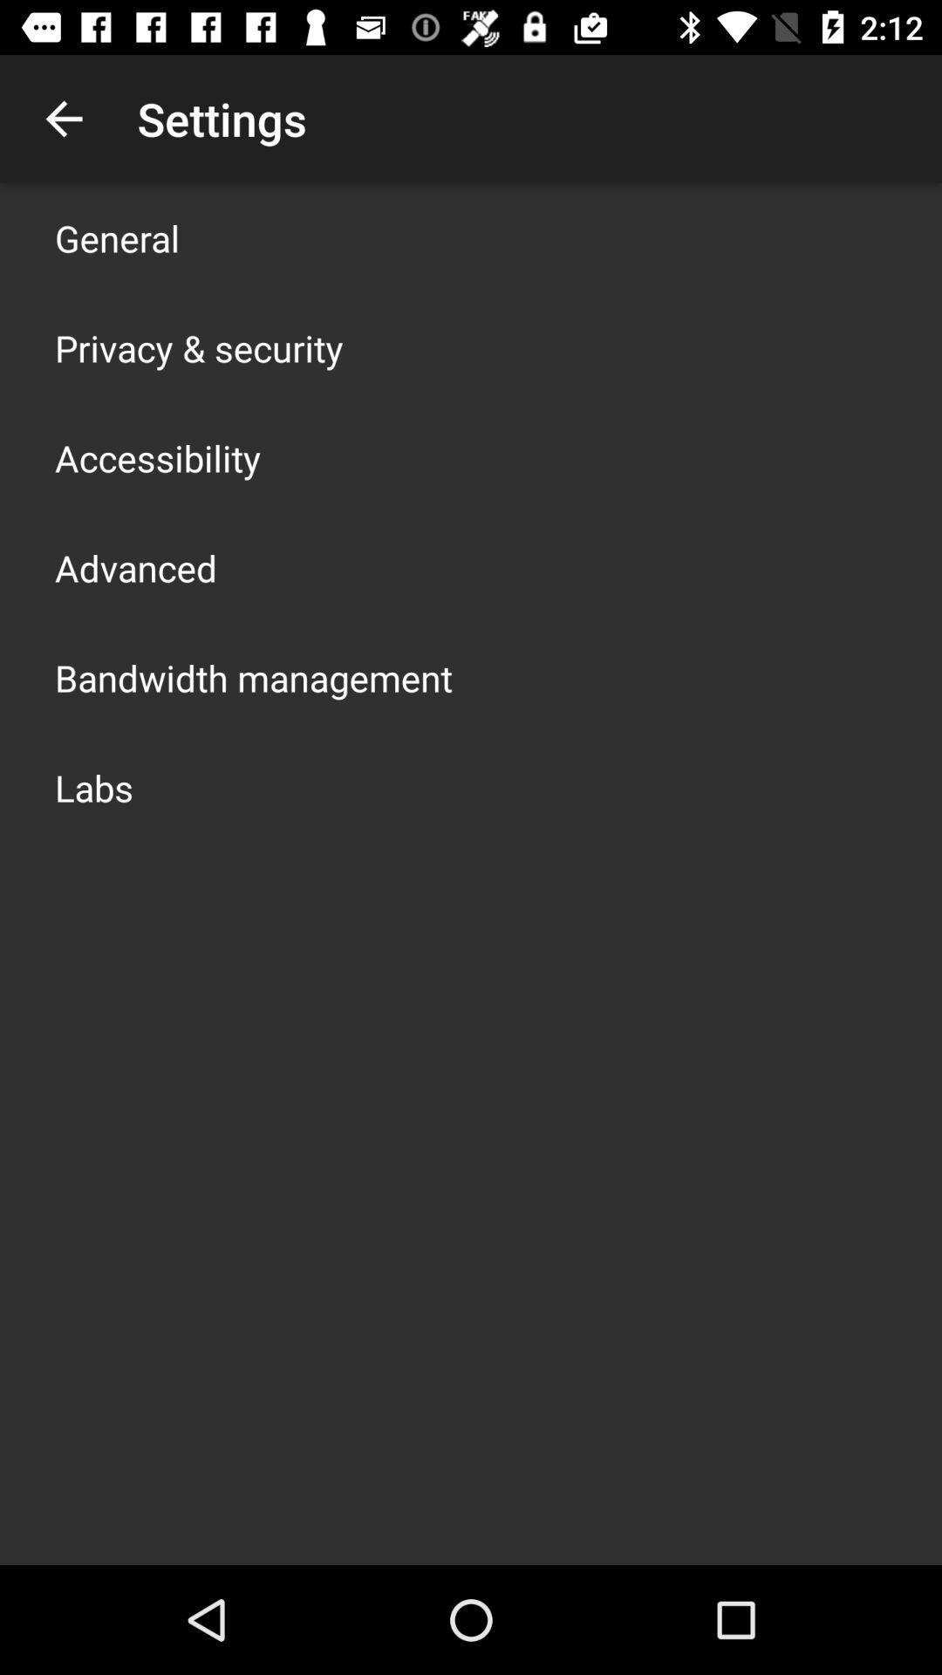  What do you see at coordinates (253, 677) in the screenshot?
I see `icon above the labs app` at bounding box center [253, 677].